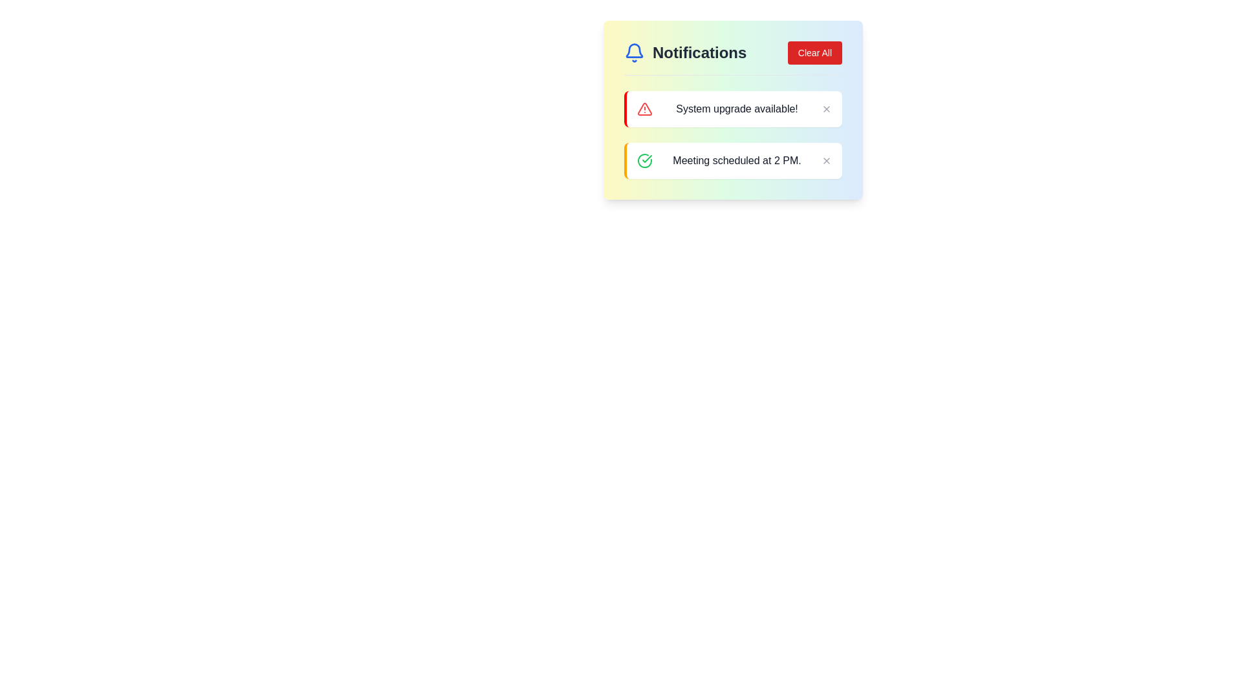  I want to click on the close button located at the top-right corner of the notification message block containing the text 'System upgrade available!', so click(825, 109).